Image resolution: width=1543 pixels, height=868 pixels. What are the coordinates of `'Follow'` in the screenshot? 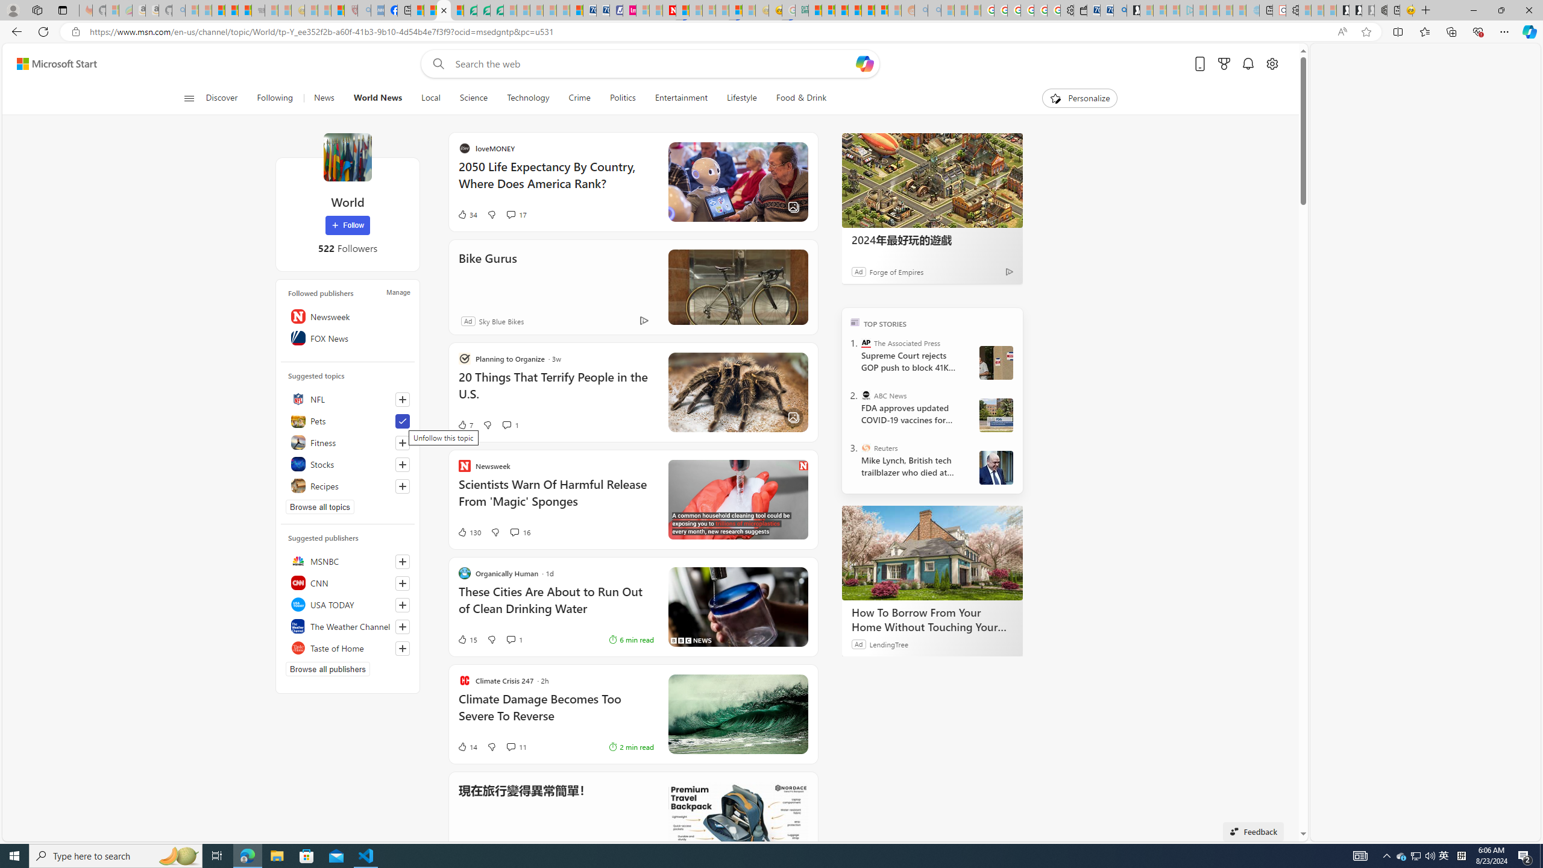 It's located at (347, 225).